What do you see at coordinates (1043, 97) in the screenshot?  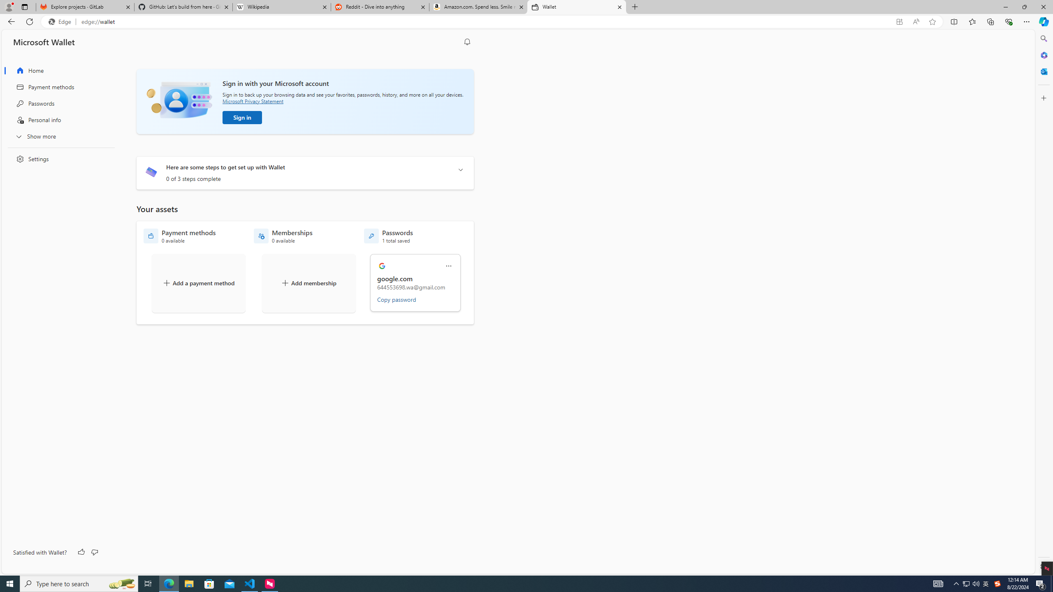 I see `'Customize'` at bounding box center [1043, 97].